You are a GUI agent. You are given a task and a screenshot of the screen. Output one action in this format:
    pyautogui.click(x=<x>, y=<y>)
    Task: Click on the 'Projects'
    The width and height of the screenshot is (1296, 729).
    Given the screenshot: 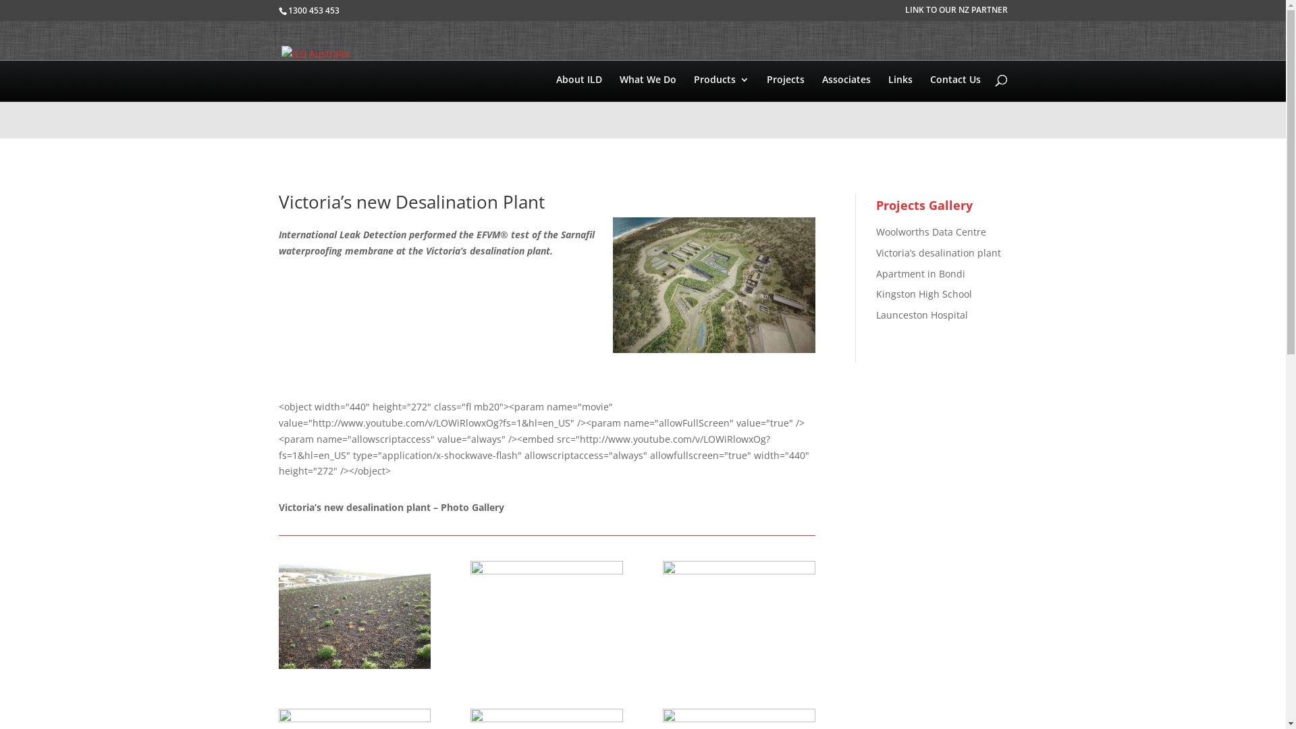 What is the action you would take?
    pyautogui.click(x=785, y=106)
    